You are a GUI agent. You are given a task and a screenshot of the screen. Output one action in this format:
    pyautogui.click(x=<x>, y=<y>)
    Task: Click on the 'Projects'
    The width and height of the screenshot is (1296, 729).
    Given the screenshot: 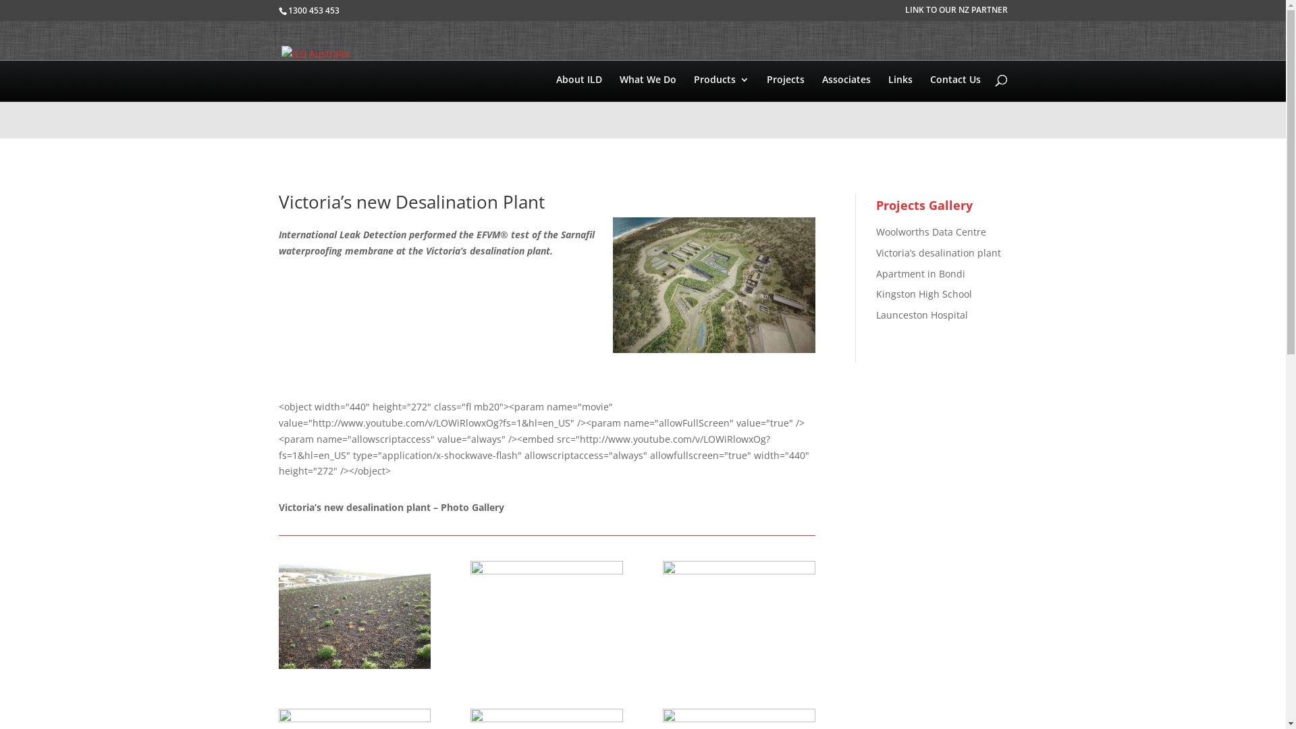 What is the action you would take?
    pyautogui.click(x=785, y=106)
    